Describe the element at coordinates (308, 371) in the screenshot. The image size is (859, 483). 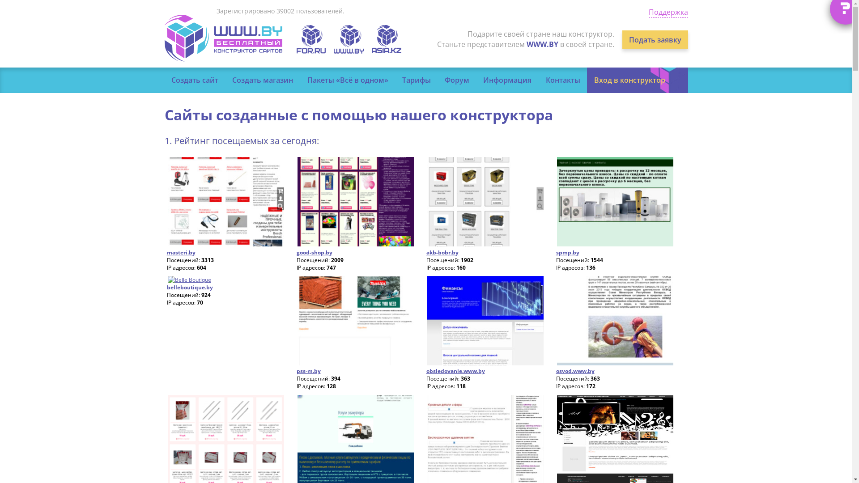
I see `'pss-m.by'` at that location.